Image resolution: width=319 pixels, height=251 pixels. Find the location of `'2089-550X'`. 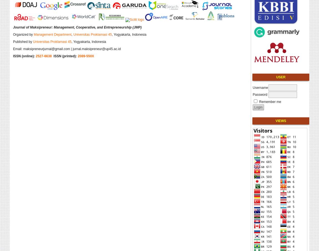

'2089-550X' is located at coordinates (86, 55).